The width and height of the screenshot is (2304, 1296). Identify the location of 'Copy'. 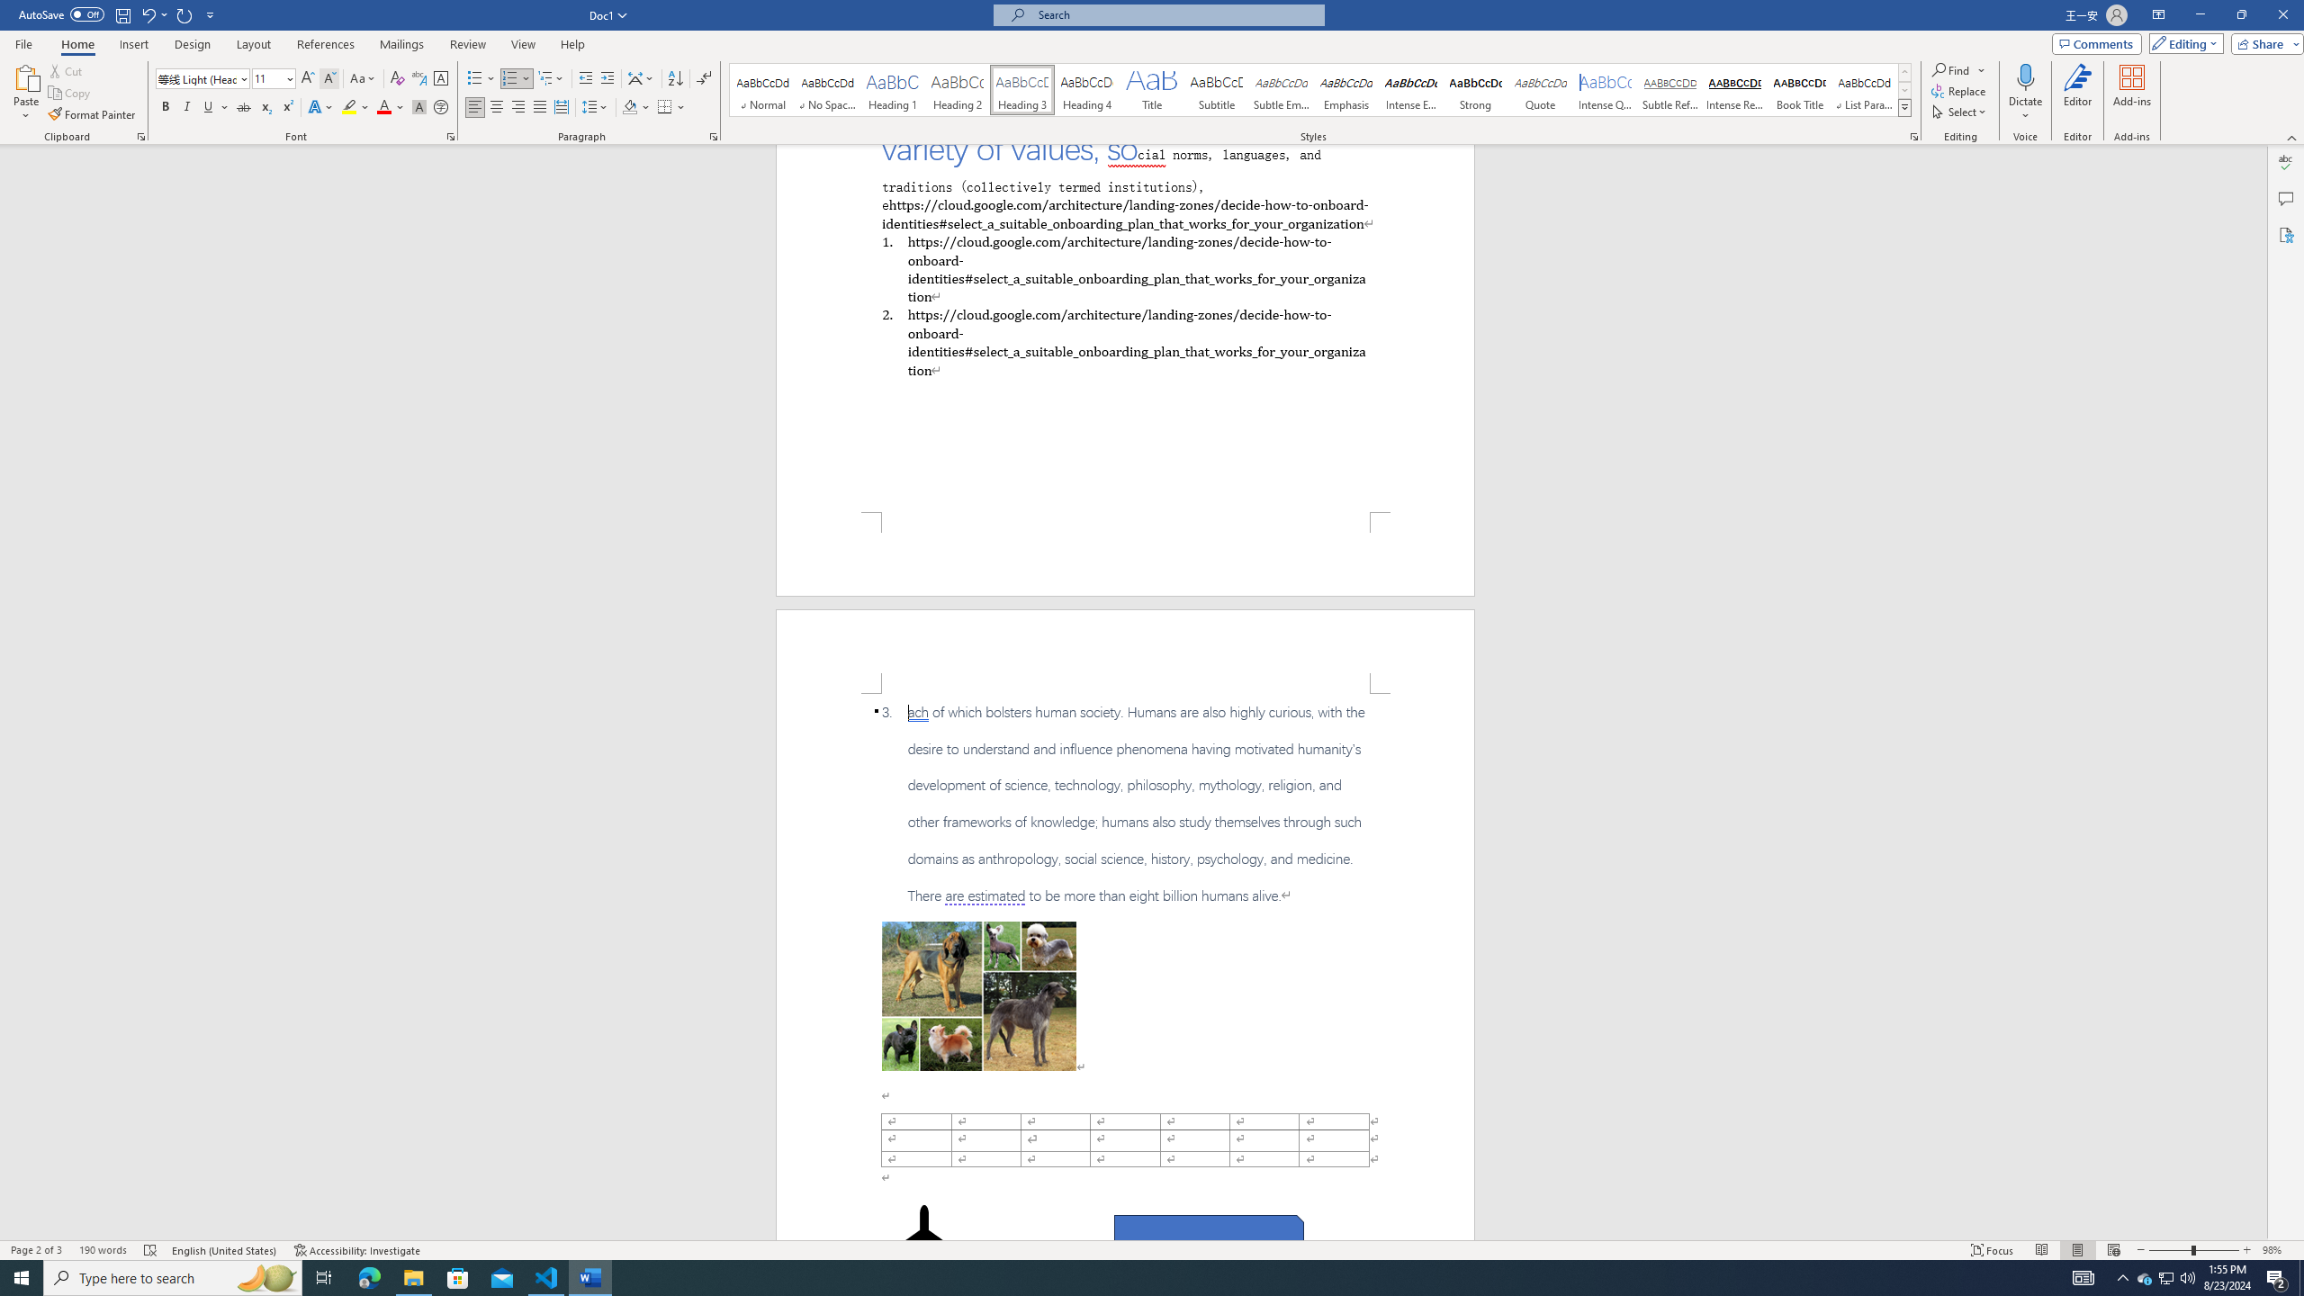
(70, 93).